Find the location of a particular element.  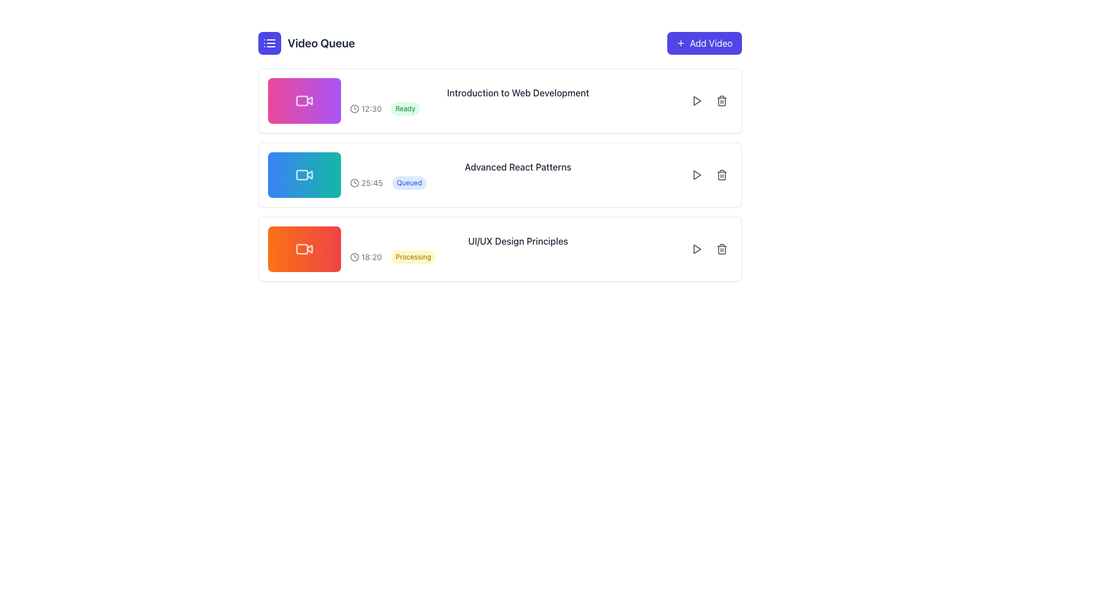

the Status badge, which is positioned directly to the right of the text '12:30' in the first item of a vertical list of videos is located at coordinates (405, 109).